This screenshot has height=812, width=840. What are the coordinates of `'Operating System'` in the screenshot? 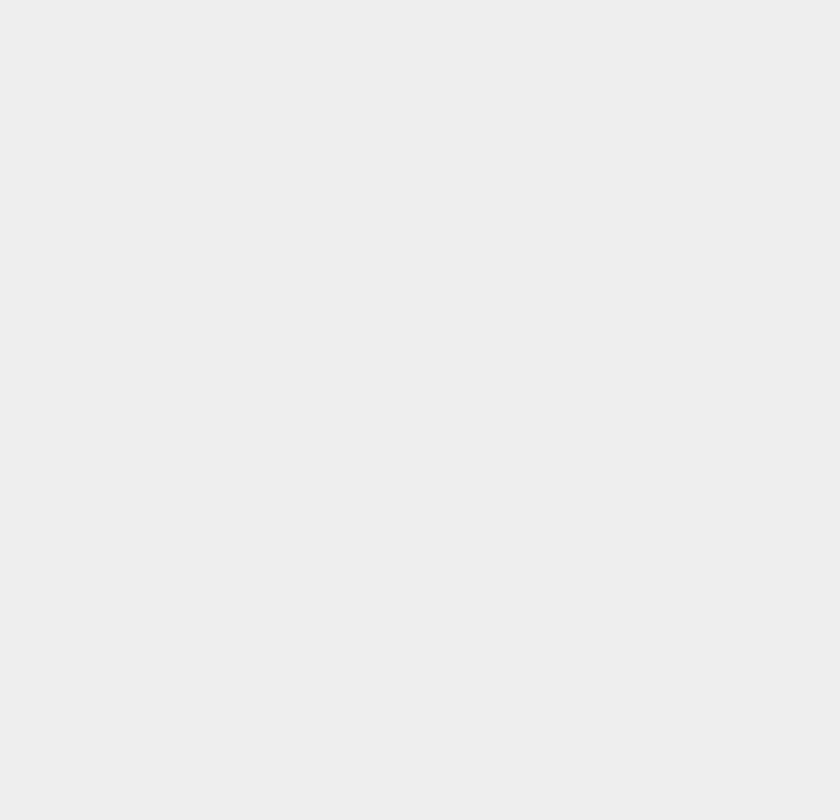 It's located at (594, 42).